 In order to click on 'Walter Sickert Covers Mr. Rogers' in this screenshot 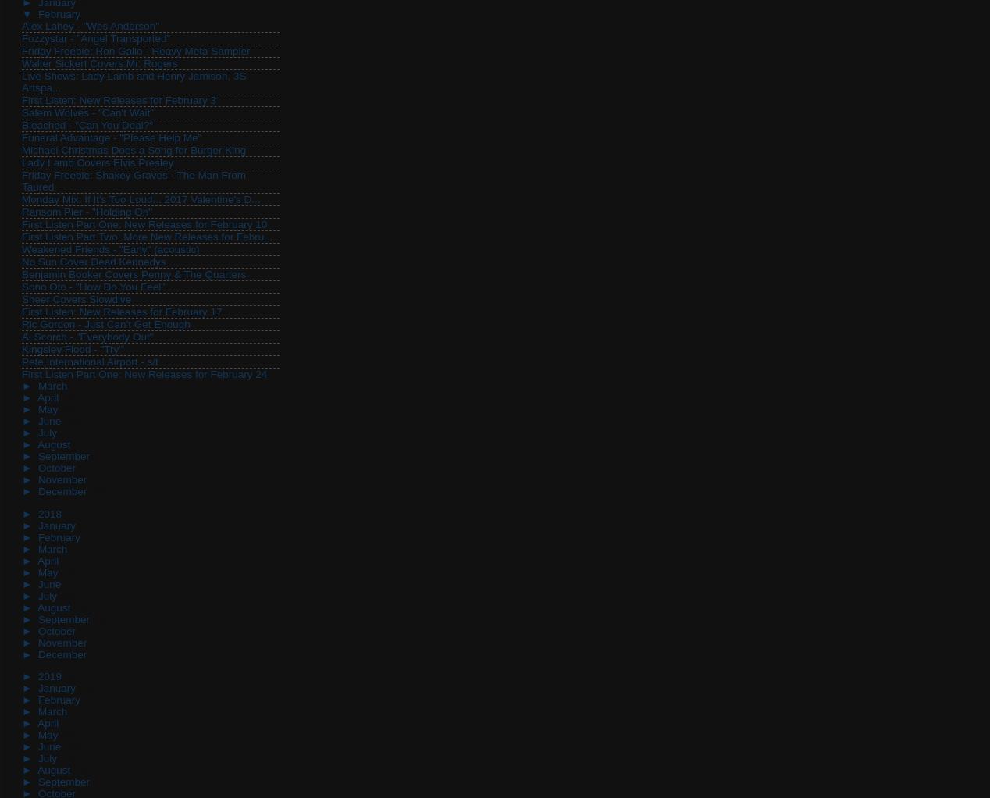, I will do `click(21, 62)`.